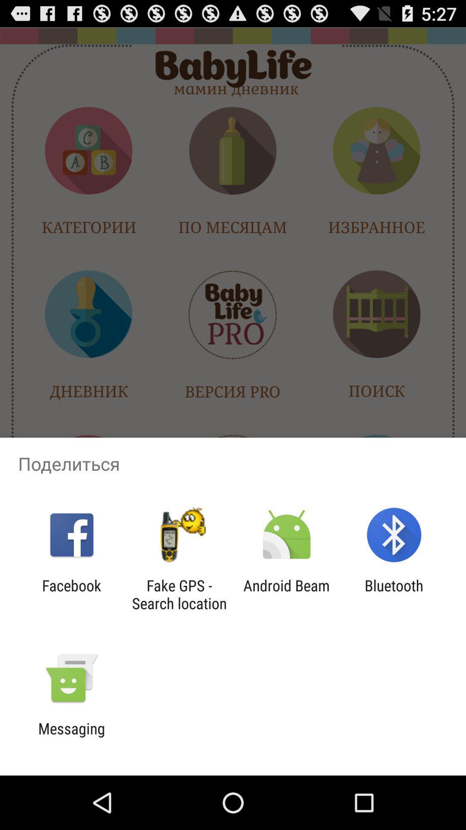 This screenshot has height=830, width=466. I want to click on the bluetooth item, so click(394, 594).